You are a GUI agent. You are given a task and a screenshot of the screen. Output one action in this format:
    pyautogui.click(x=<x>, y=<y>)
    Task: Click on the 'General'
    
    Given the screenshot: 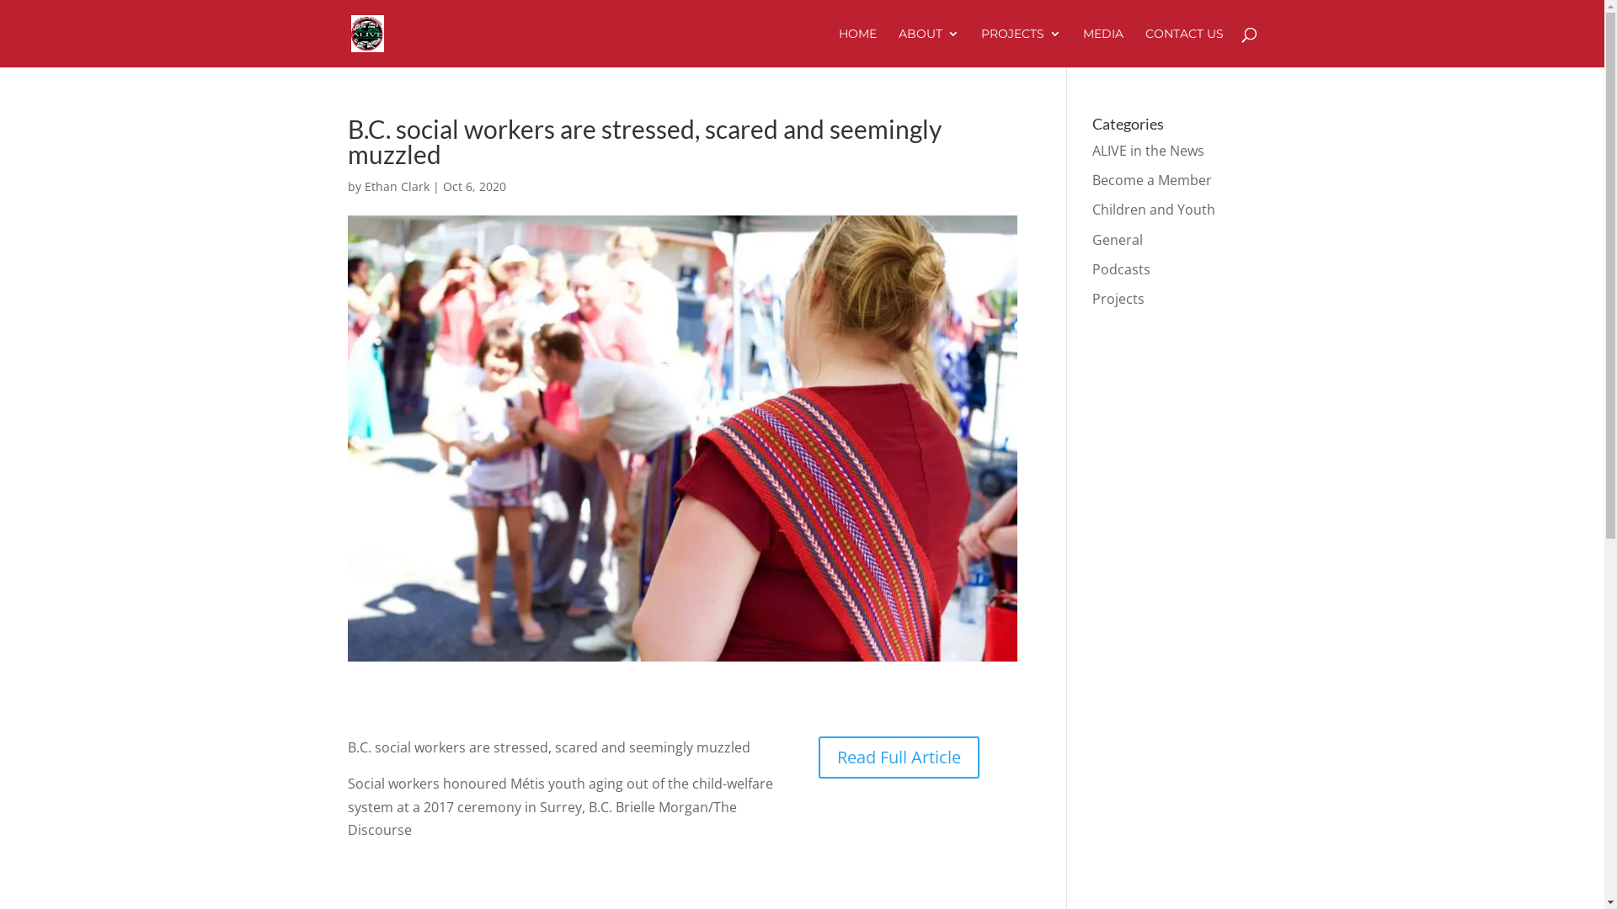 What is the action you would take?
    pyautogui.click(x=1117, y=240)
    